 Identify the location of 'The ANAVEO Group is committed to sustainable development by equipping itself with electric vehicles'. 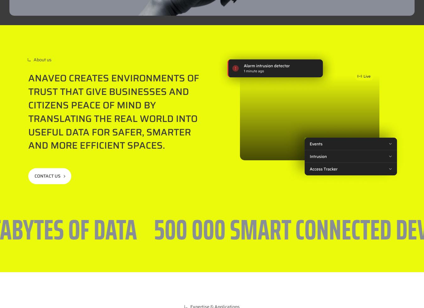
(194, 48).